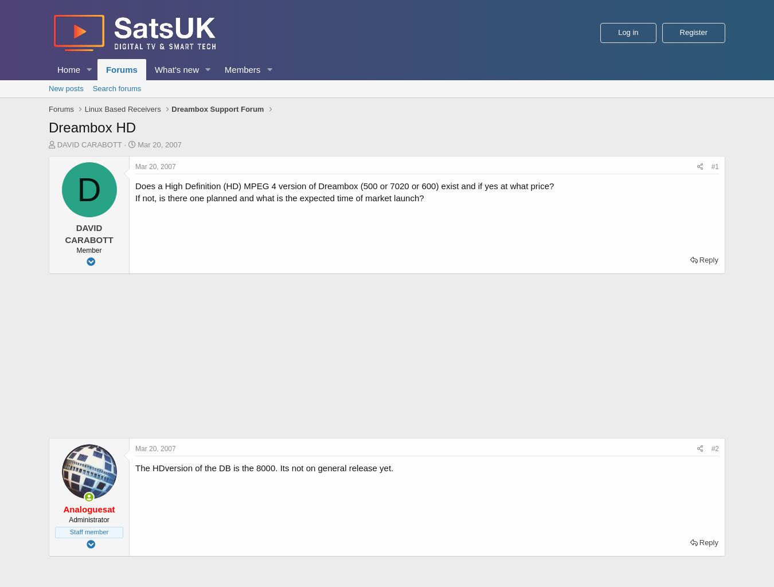 Image resolution: width=774 pixels, height=587 pixels. I want to click on 'If not, is there one planned and what is the expected time of market launch?', so click(279, 198).